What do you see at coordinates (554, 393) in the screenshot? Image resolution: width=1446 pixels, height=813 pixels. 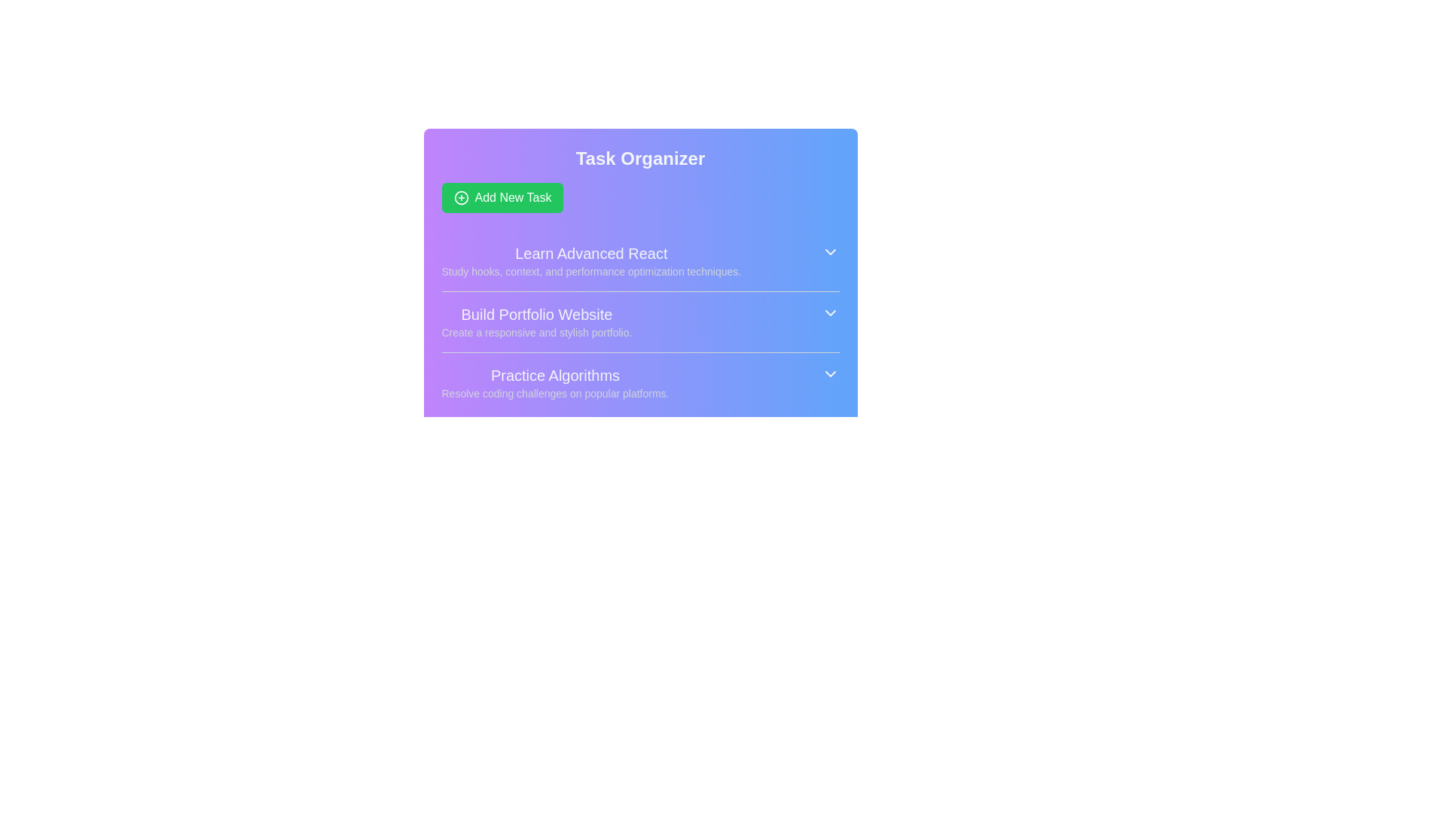 I see `the static informational text block located beneath the 'Practice Algorithms' title, providing context for the section` at bounding box center [554, 393].